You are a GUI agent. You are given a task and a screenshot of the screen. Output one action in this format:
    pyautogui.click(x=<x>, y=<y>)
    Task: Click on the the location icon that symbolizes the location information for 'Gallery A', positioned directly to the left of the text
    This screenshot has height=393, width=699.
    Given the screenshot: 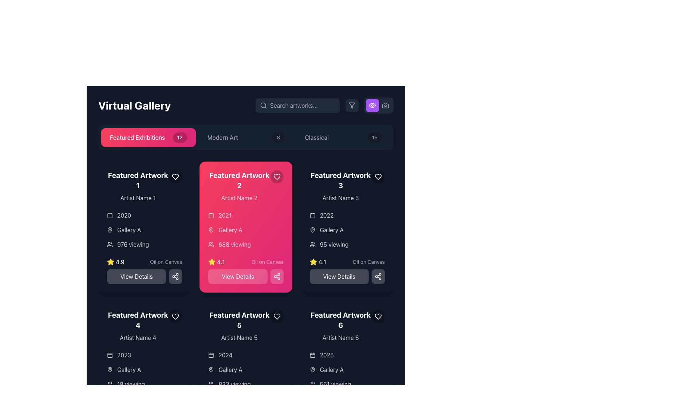 What is the action you would take?
    pyautogui.click(x=211, y=369)
    